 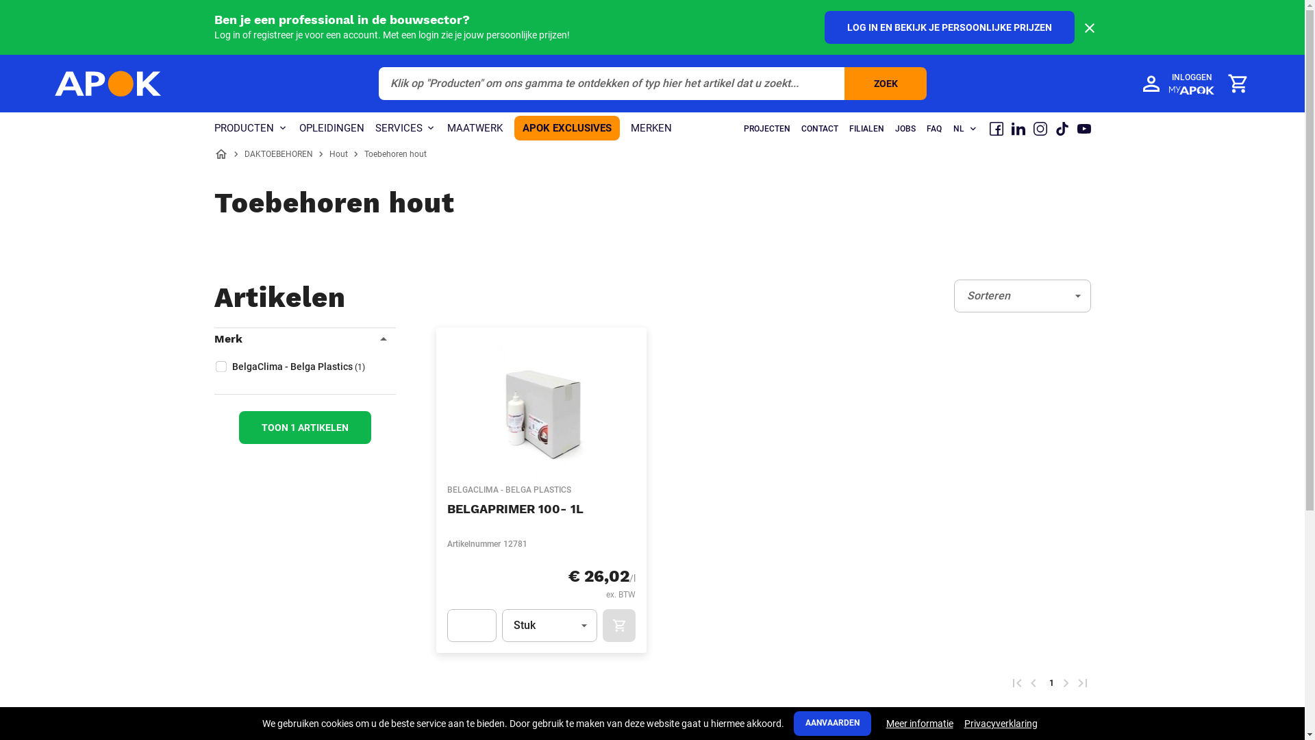 What do you see at coordinates (303, 338) in the screenshot?
I see `'Merk` at bounding box center [303, 338].